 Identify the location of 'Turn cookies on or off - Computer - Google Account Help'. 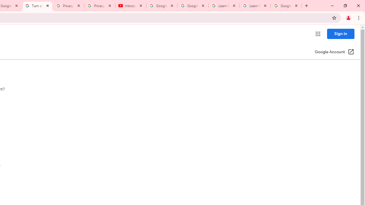
(37, 6).